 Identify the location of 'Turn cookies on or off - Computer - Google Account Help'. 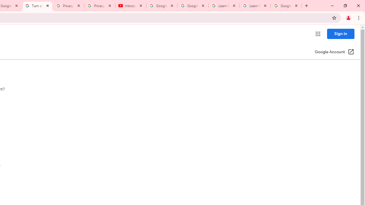
(37, 6).